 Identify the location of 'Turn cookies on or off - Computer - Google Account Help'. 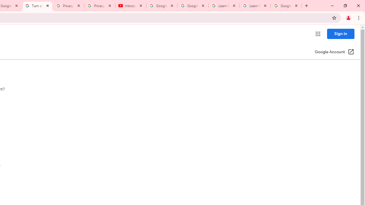
(37, 6).